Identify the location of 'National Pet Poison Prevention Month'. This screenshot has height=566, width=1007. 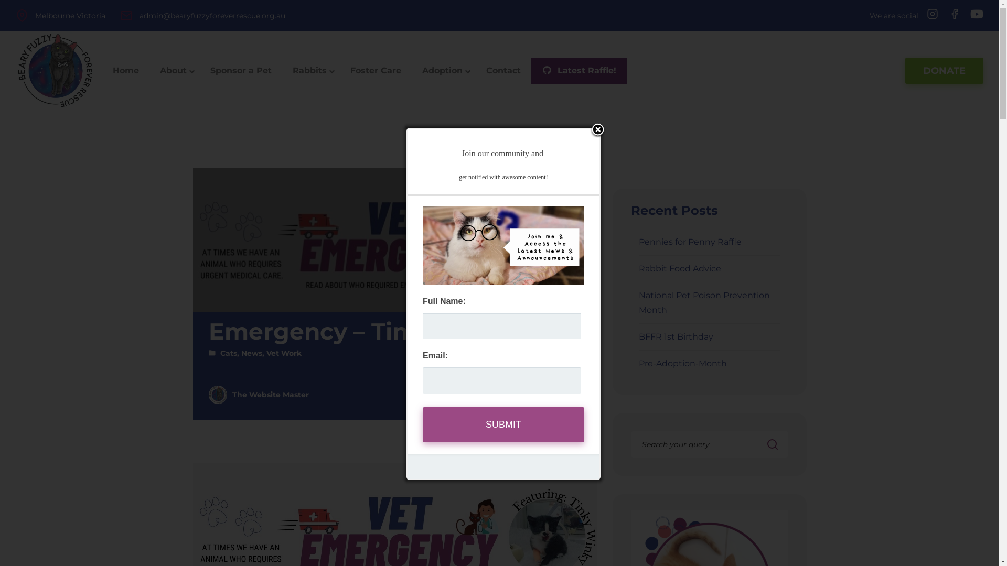
(704, 302).